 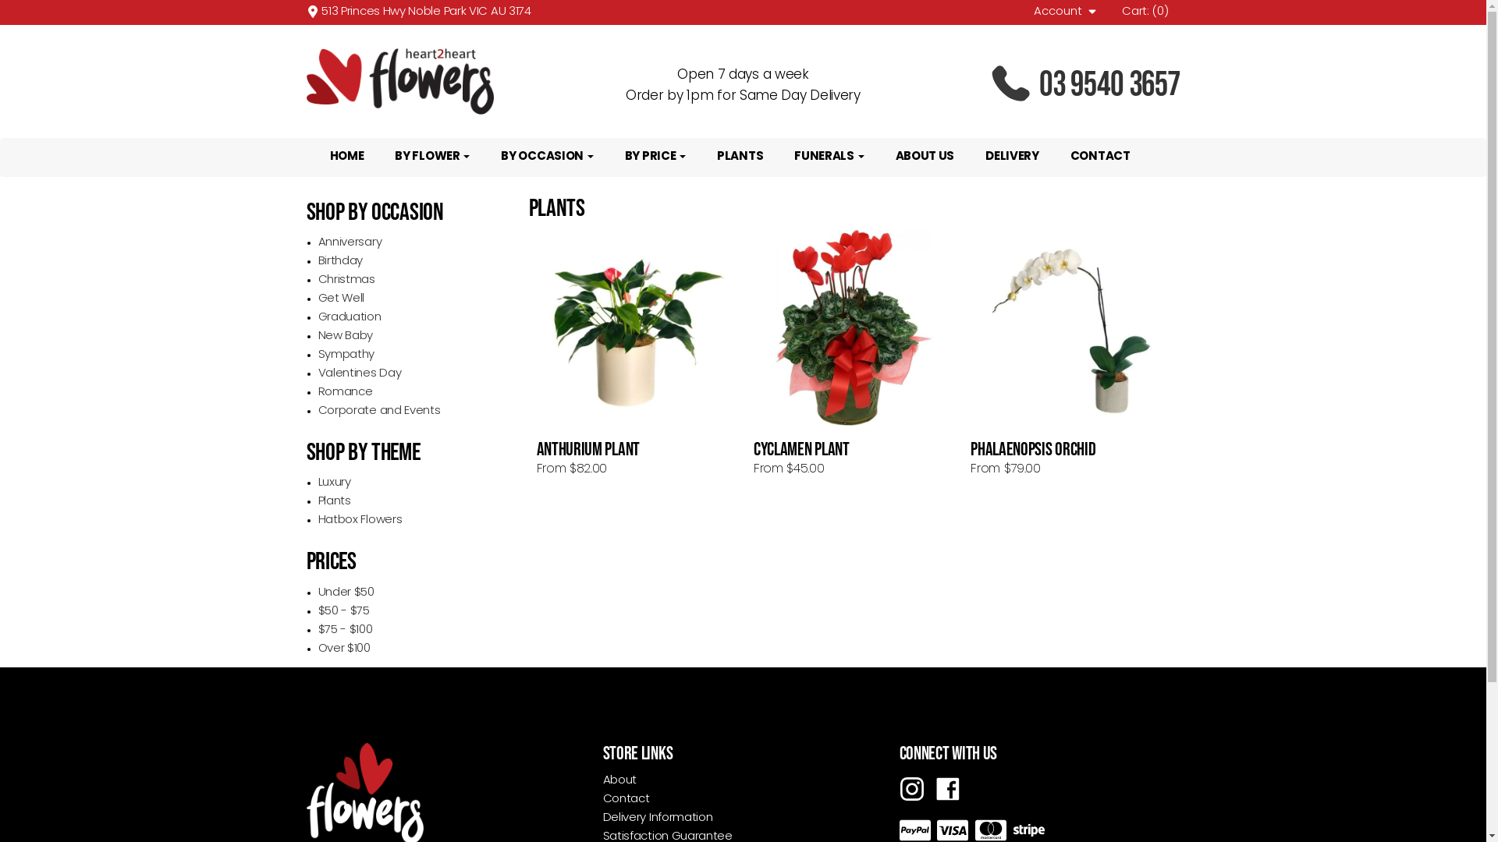 I want to click on 'Christmas', so click(x=346, y=279).